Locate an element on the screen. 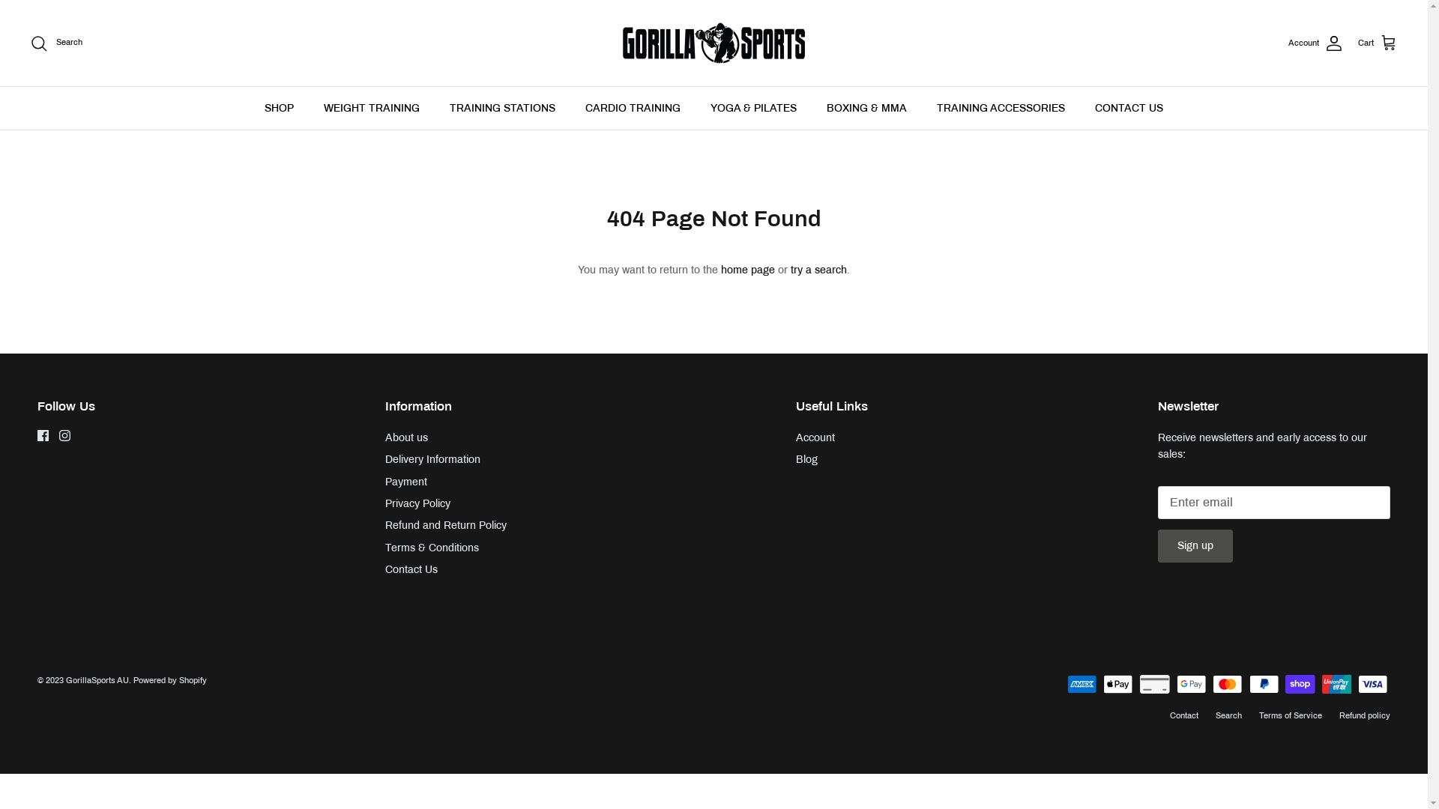 The width and height of the screenshot is (1439, 809). 'Blog' is located at coordinates (806, 458).